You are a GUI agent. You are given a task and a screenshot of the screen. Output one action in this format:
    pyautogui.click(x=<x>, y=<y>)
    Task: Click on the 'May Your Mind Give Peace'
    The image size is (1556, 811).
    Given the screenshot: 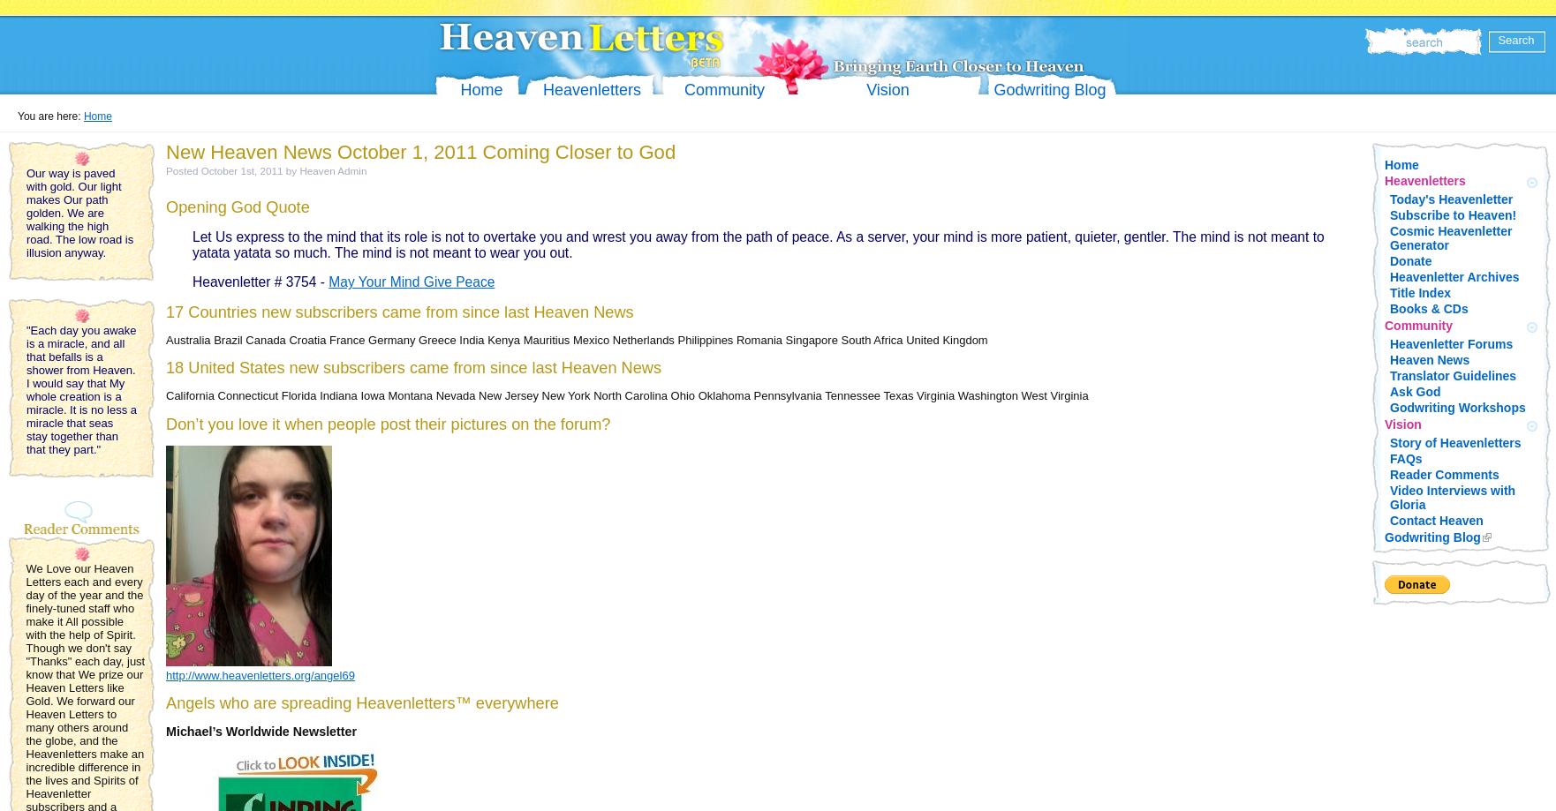 What is the action you would take?
    pyautogui.click(x=411, y=281)
    